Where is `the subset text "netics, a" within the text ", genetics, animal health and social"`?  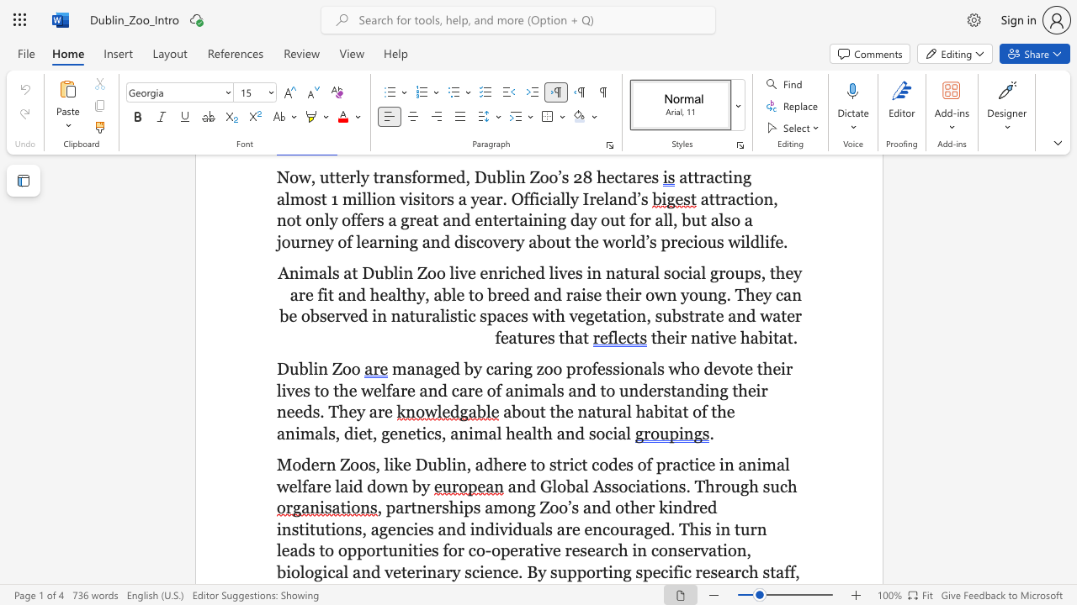
the subset text "netics, a" within the text ", genetics, animal health and social" is located at coordinates (396, 432).